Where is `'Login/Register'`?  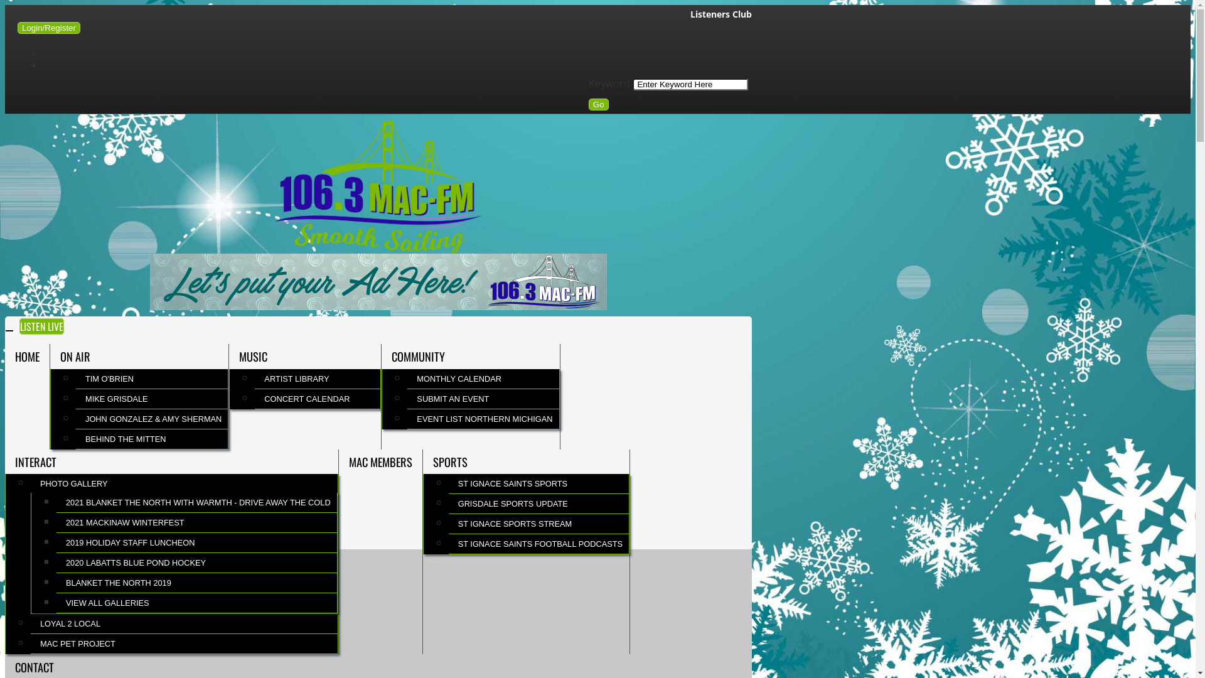 'Login/Register' is located at coordinates (48, 28).